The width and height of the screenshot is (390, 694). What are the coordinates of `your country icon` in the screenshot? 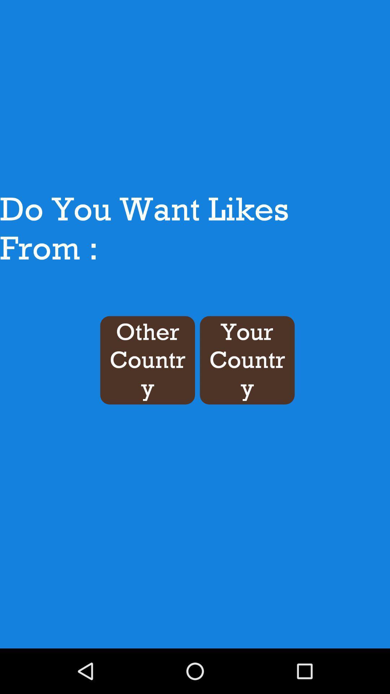 It's located at (247, 360).